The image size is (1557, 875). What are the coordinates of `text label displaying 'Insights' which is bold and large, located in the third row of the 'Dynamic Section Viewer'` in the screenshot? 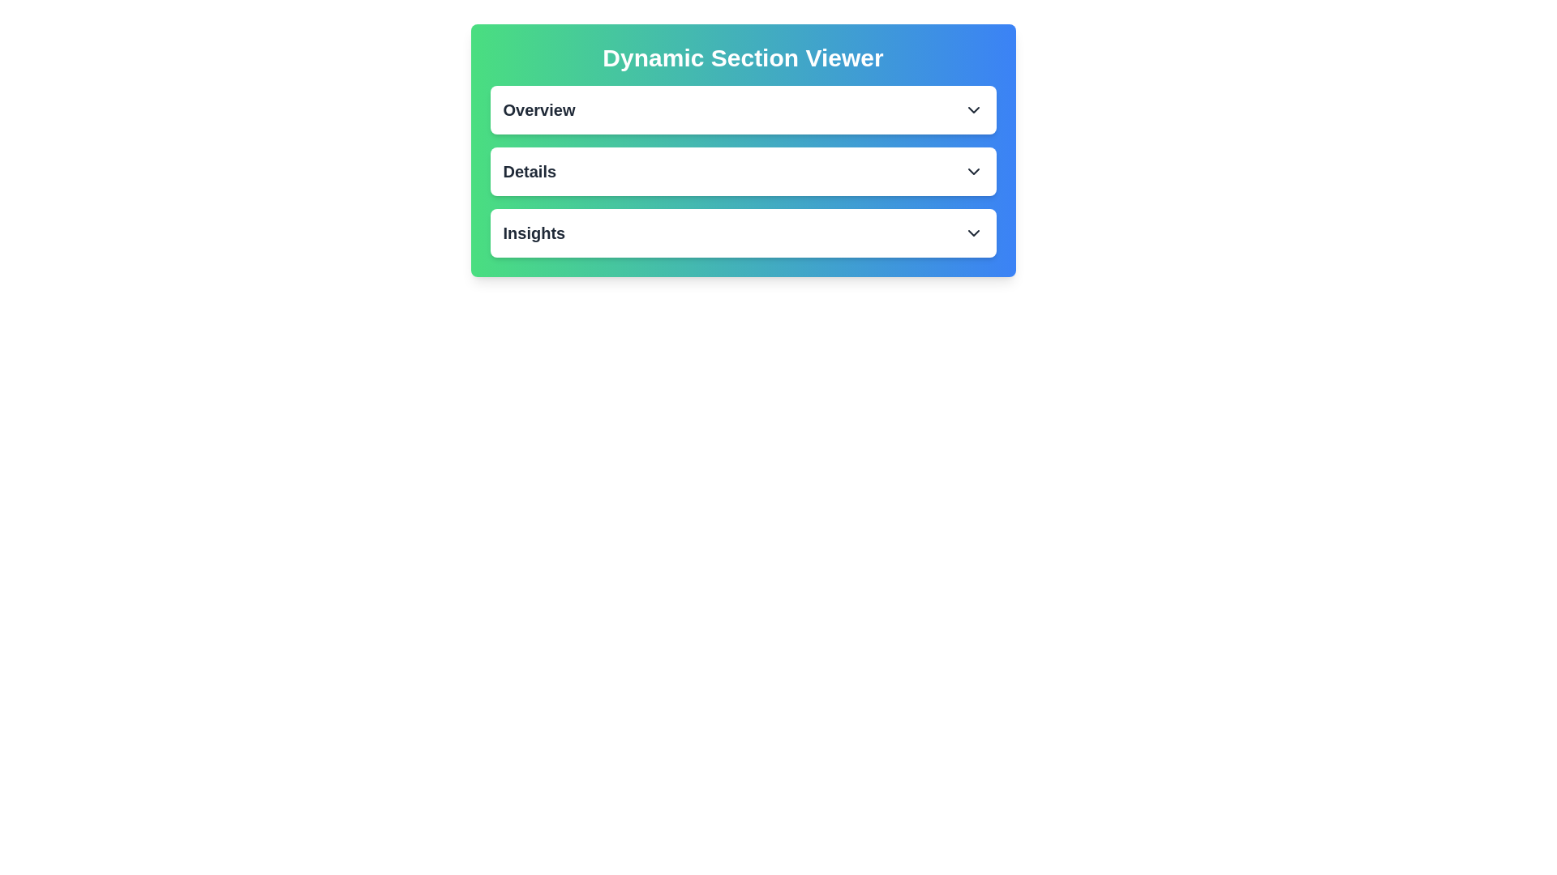 It's located at (534, 233).